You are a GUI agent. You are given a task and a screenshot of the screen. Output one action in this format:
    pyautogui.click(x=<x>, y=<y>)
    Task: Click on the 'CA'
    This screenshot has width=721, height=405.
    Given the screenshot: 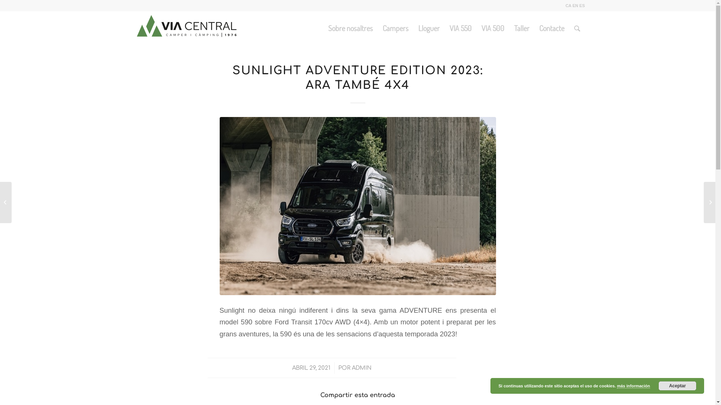 What is the action you would take?
    pyautogui.click(x=568, y=6)
    